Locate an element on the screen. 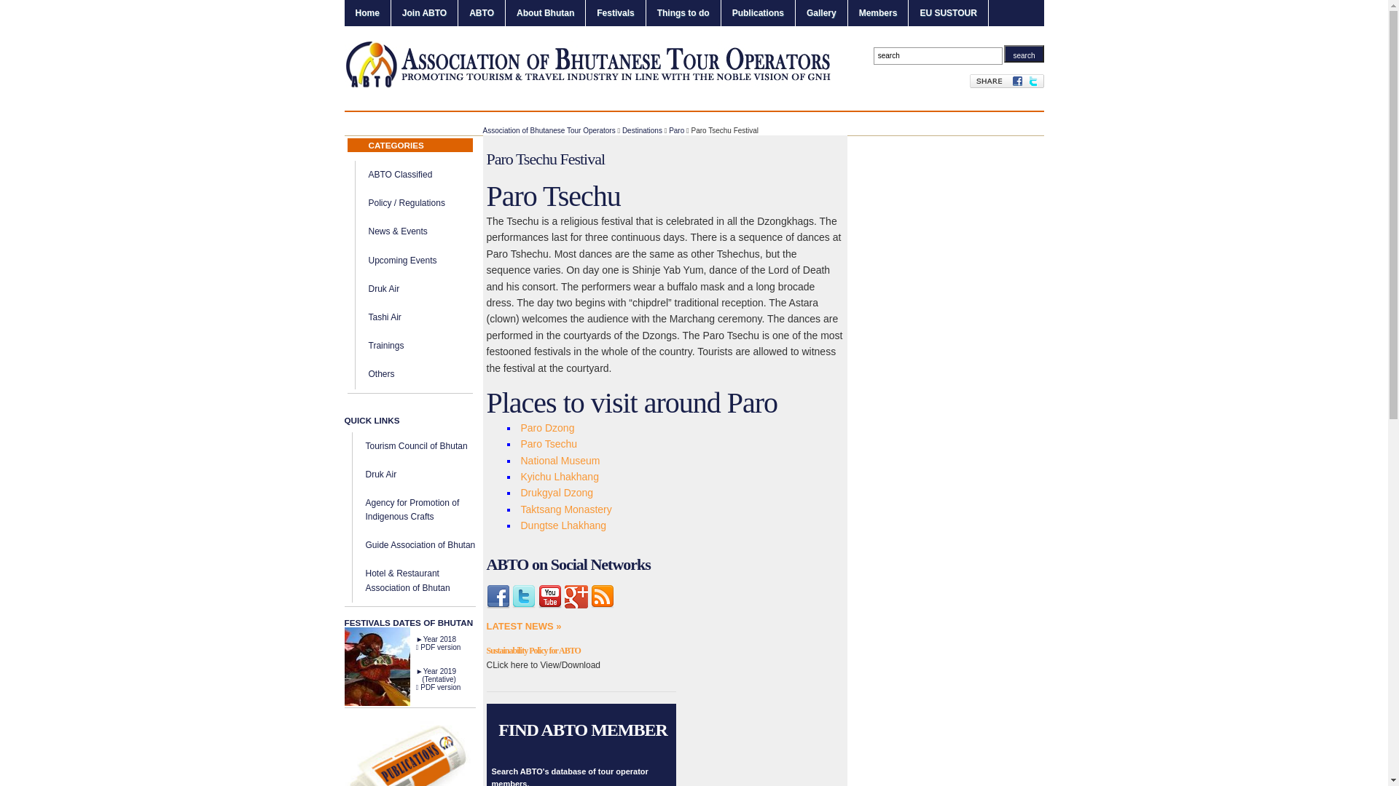 Image resolution: width=1399 pixels, height=786 pixels. 'Gallery' is located at coordinates (821, 13).